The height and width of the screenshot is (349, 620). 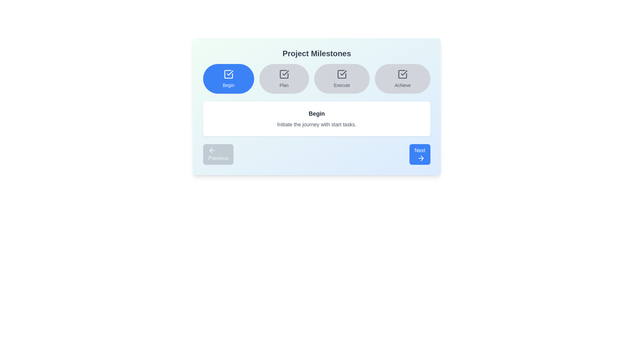 I want to click on the 'Achieve' button which indicates the milestone in the process, located to the right of the 'Execute' button, so click(x=402, y=78).